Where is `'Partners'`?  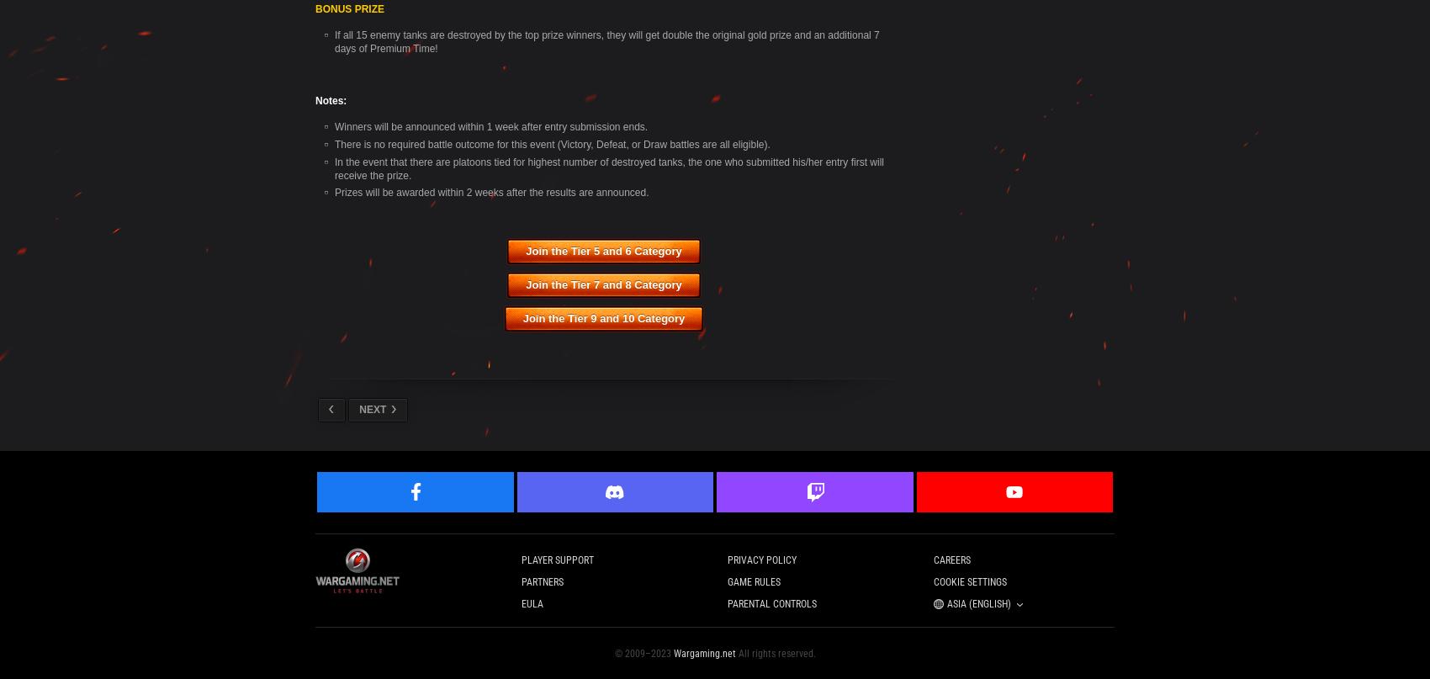 'Partners' is located at coordinates (542, 582).